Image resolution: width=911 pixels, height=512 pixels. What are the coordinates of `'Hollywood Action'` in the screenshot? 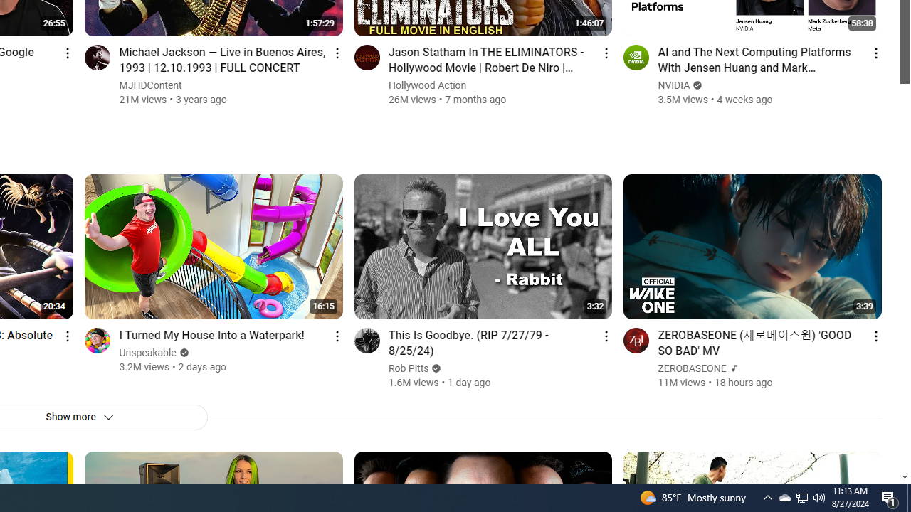 It's located at (426, 85).